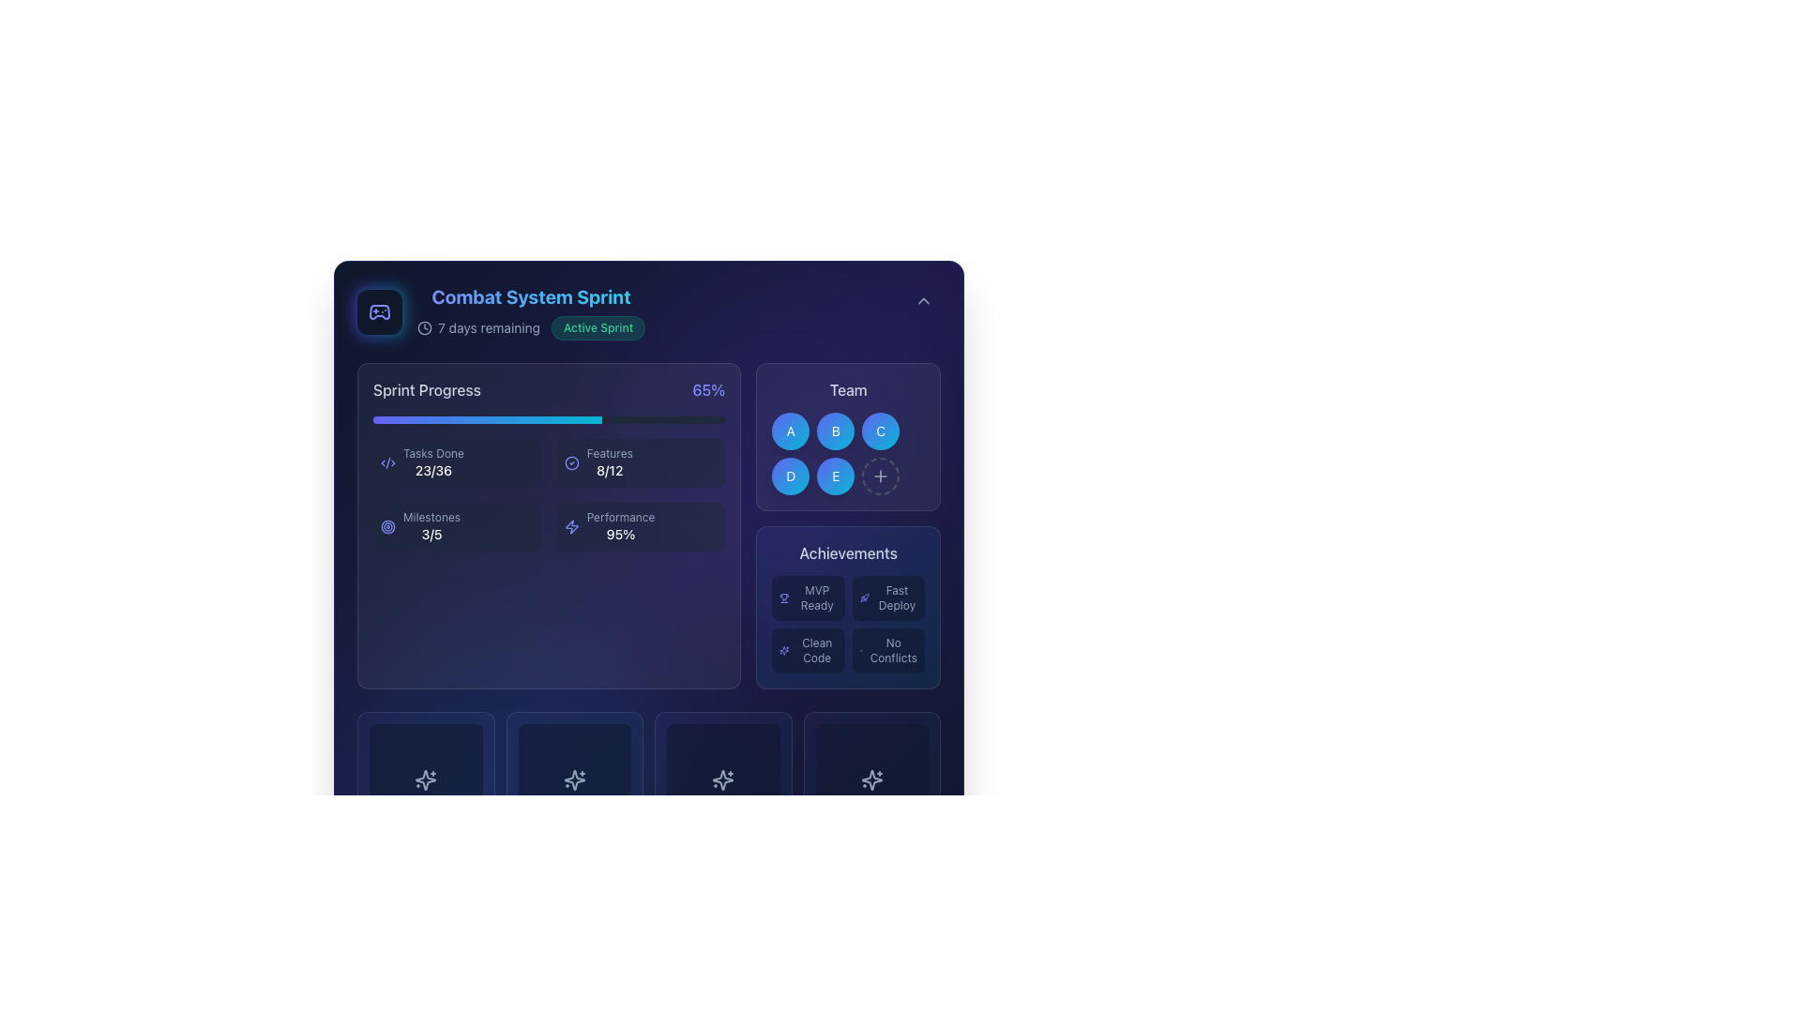 This screenshot has height=1013, width=1801. Describe the element at coordinates (573, 780) in the screenshot. I see `the square grid cell with a star-like icon located in the second column of the last row beneath the 'Sprint Progress' section` at that location.